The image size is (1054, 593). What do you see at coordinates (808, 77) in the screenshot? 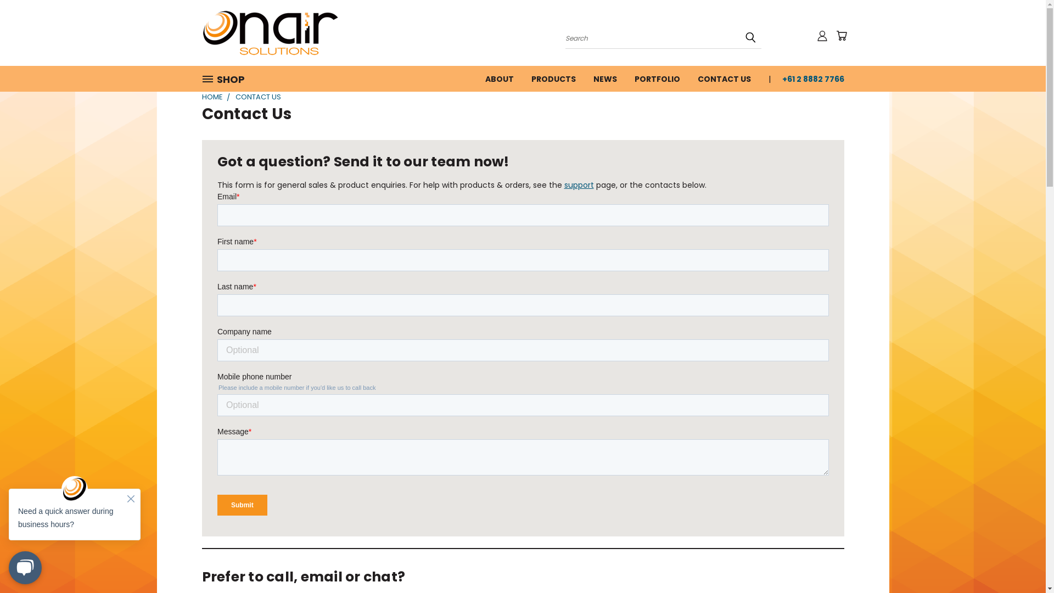
I see `'+61 2 8882 7766'` at bounding box center [808, 77].